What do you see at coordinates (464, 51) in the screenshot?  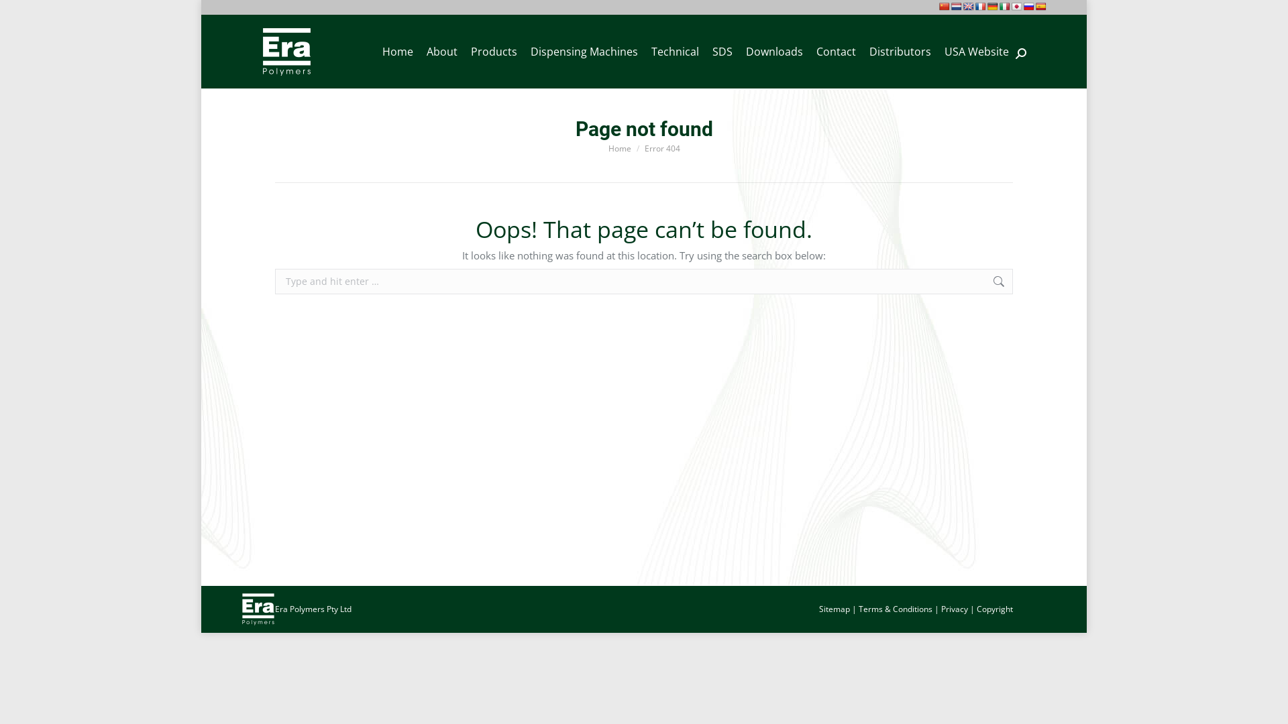 I see `'Products'` at bounding box center [464, 51].